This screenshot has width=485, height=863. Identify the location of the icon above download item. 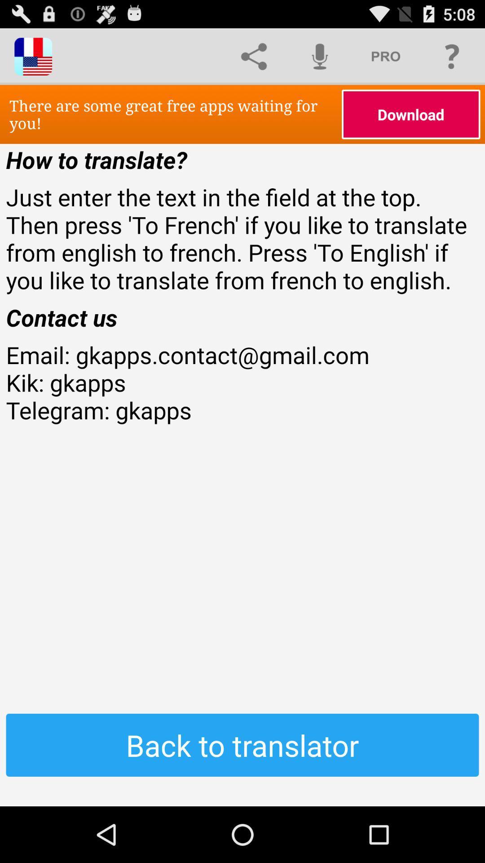
(385, 56).